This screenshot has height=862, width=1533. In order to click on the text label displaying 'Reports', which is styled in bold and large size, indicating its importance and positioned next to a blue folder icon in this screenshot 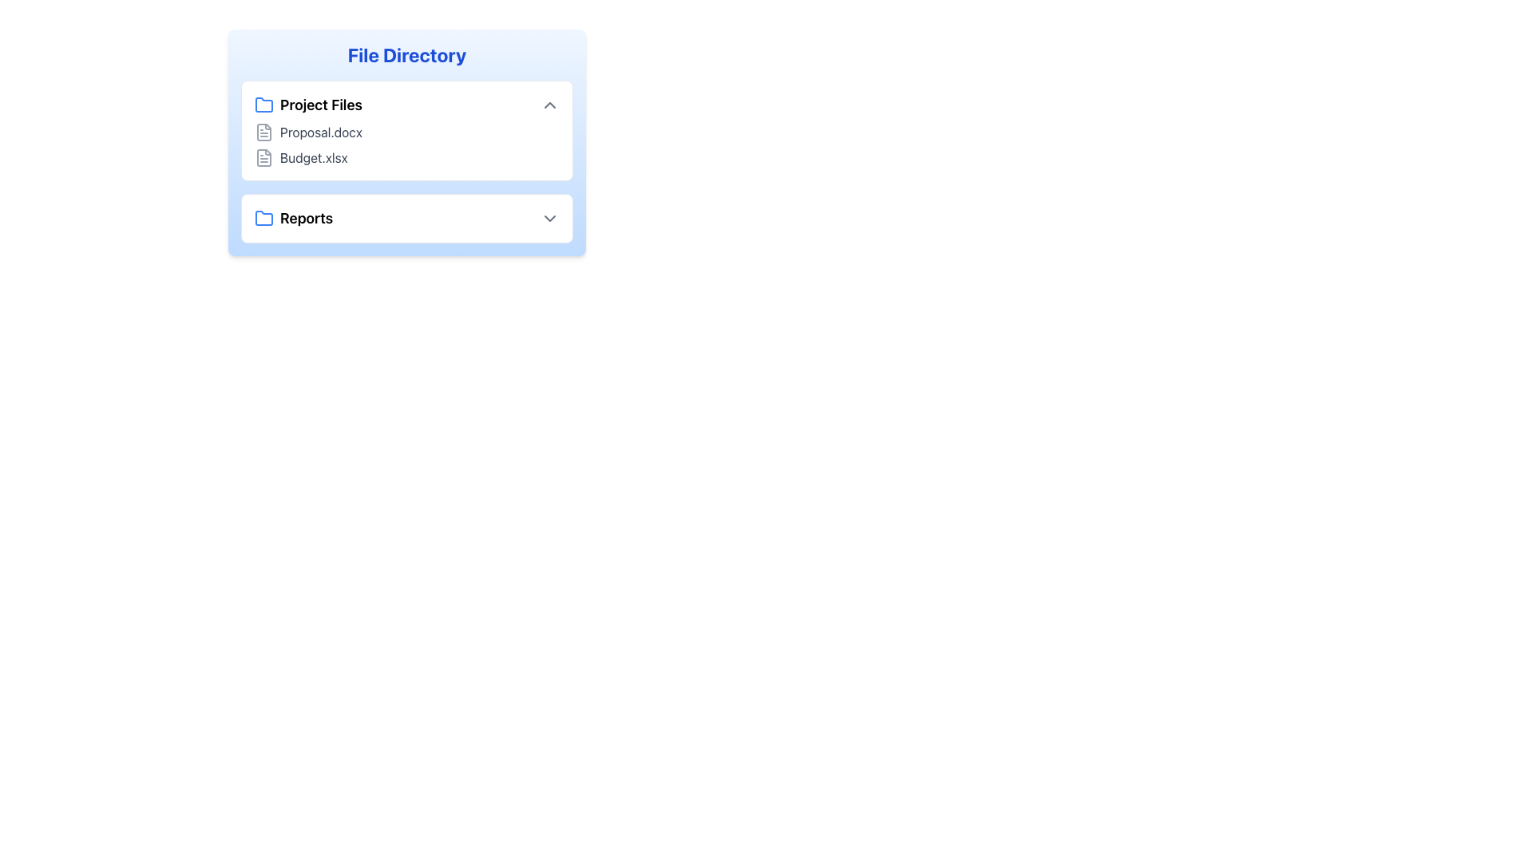, I will do `click(307, 218)`.